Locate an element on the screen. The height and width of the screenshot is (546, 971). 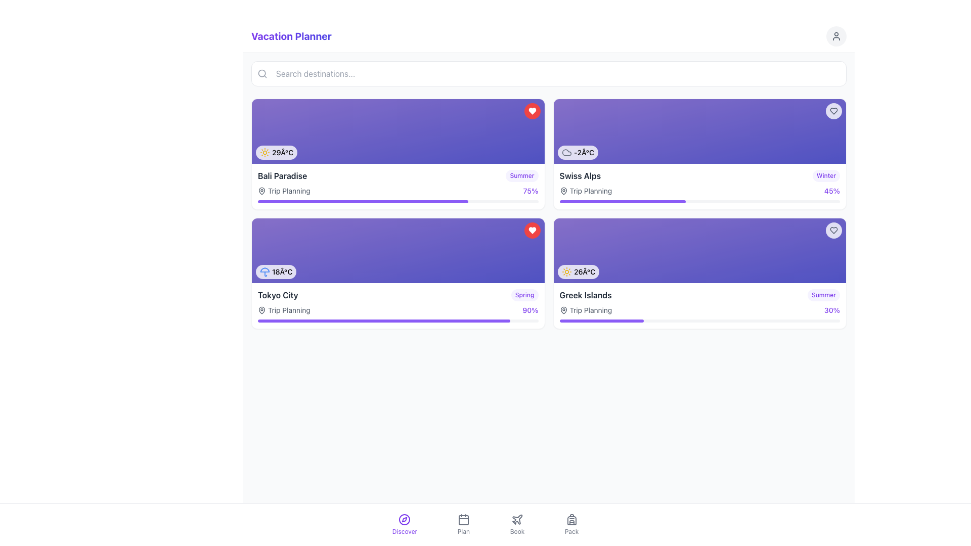
the 'Trip Planning' text label with a location pin icon, which is styled in light gray and located within the 'Bali Paradise' card, positioned just below the title and above the progress bar is located at coordinates (283, 191).